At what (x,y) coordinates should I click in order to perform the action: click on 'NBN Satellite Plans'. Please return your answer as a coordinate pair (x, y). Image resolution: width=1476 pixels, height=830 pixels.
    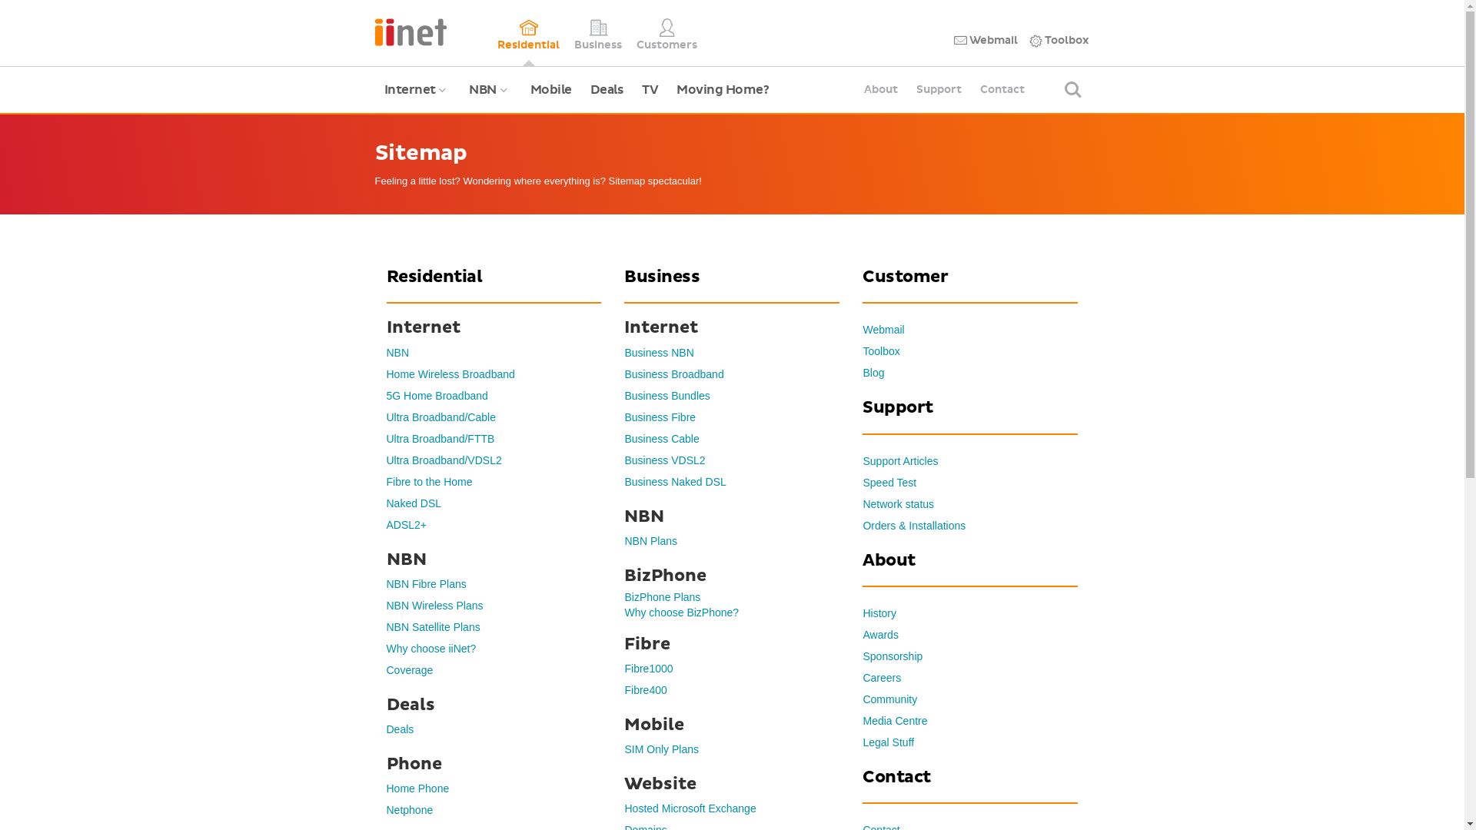
    Looking at the image, I should click on (431, 627).